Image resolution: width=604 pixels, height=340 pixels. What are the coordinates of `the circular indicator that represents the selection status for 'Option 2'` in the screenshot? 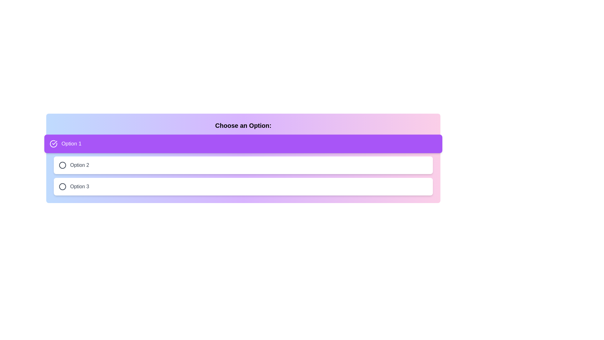 It's located at (62, 165).